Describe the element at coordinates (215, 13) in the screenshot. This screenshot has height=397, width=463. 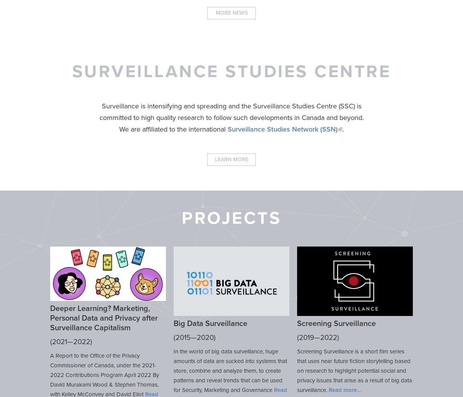
I see `'More news'` at that location.